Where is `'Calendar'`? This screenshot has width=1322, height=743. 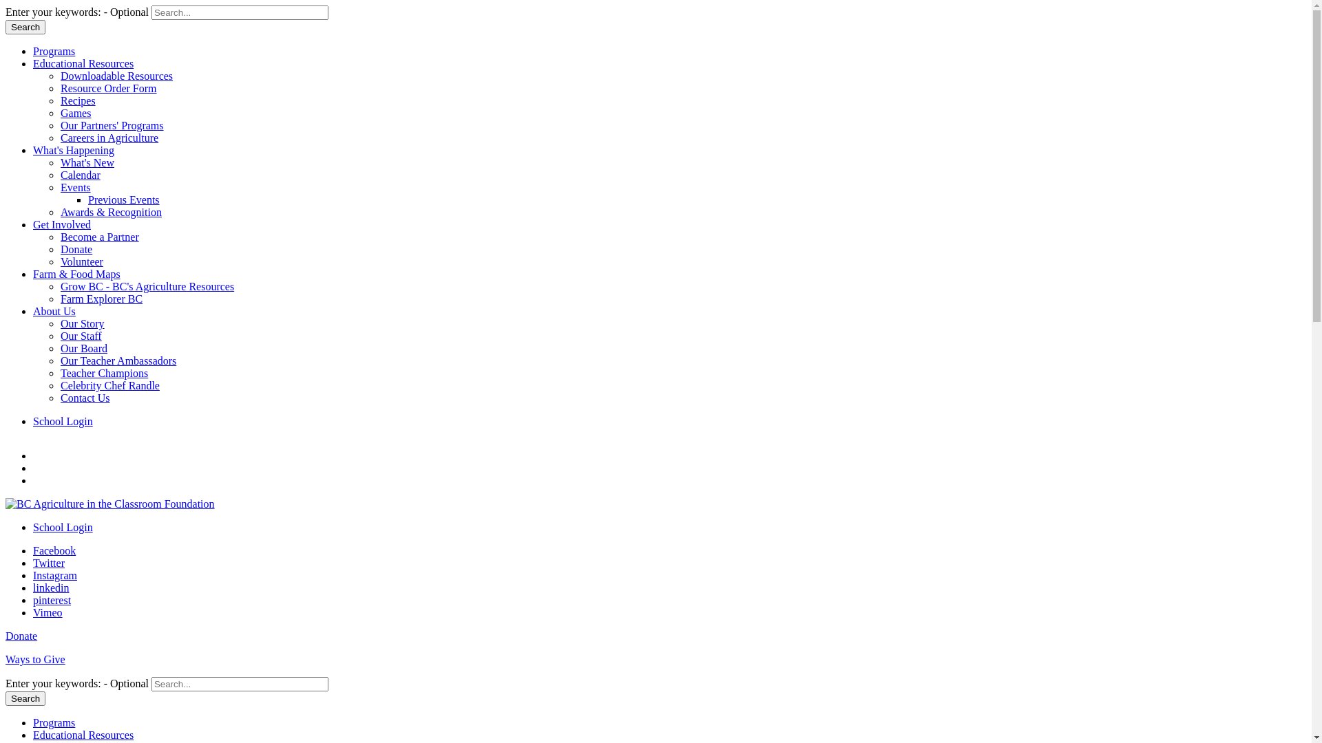
'Calendar' is located at coordinates (59, 174).